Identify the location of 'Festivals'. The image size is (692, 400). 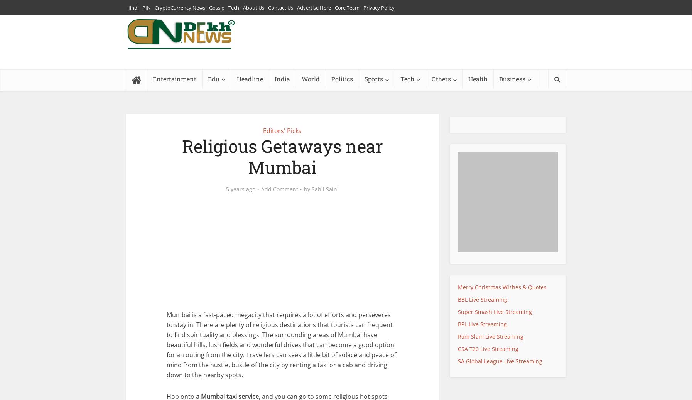
(431, 116).